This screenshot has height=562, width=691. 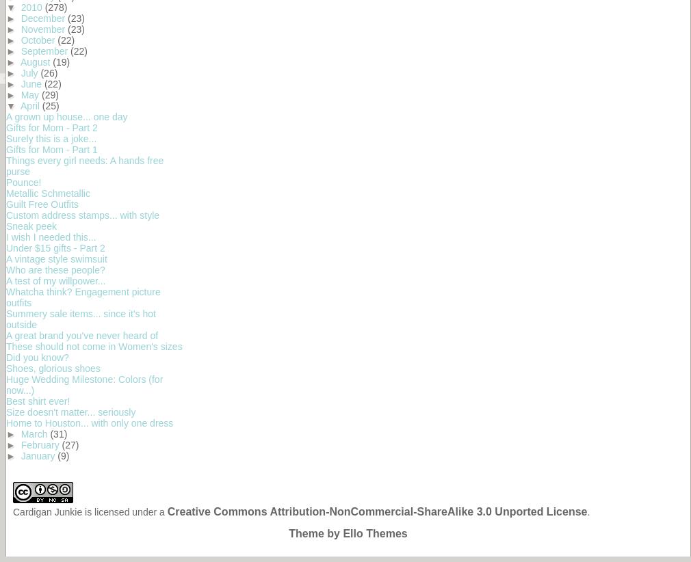 What do you see at coordinates (38, 40) in the screenshot?
I see `'October'` at bounding box center [38, 40].